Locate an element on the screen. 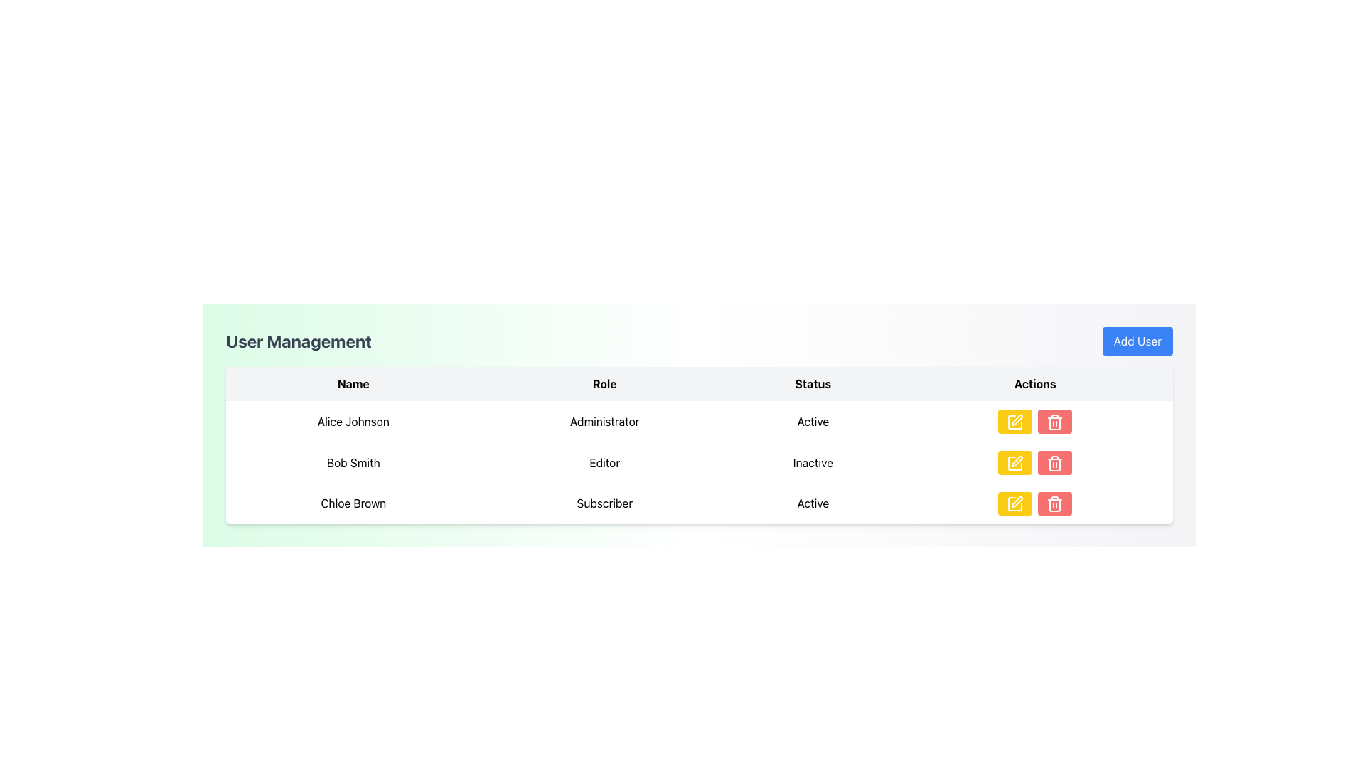 This screenshot has width=1365, height=768. the 'Active' text label in the 'Status' column of the row representing 'Alice Johnson' is located at coordinates (813, 420).